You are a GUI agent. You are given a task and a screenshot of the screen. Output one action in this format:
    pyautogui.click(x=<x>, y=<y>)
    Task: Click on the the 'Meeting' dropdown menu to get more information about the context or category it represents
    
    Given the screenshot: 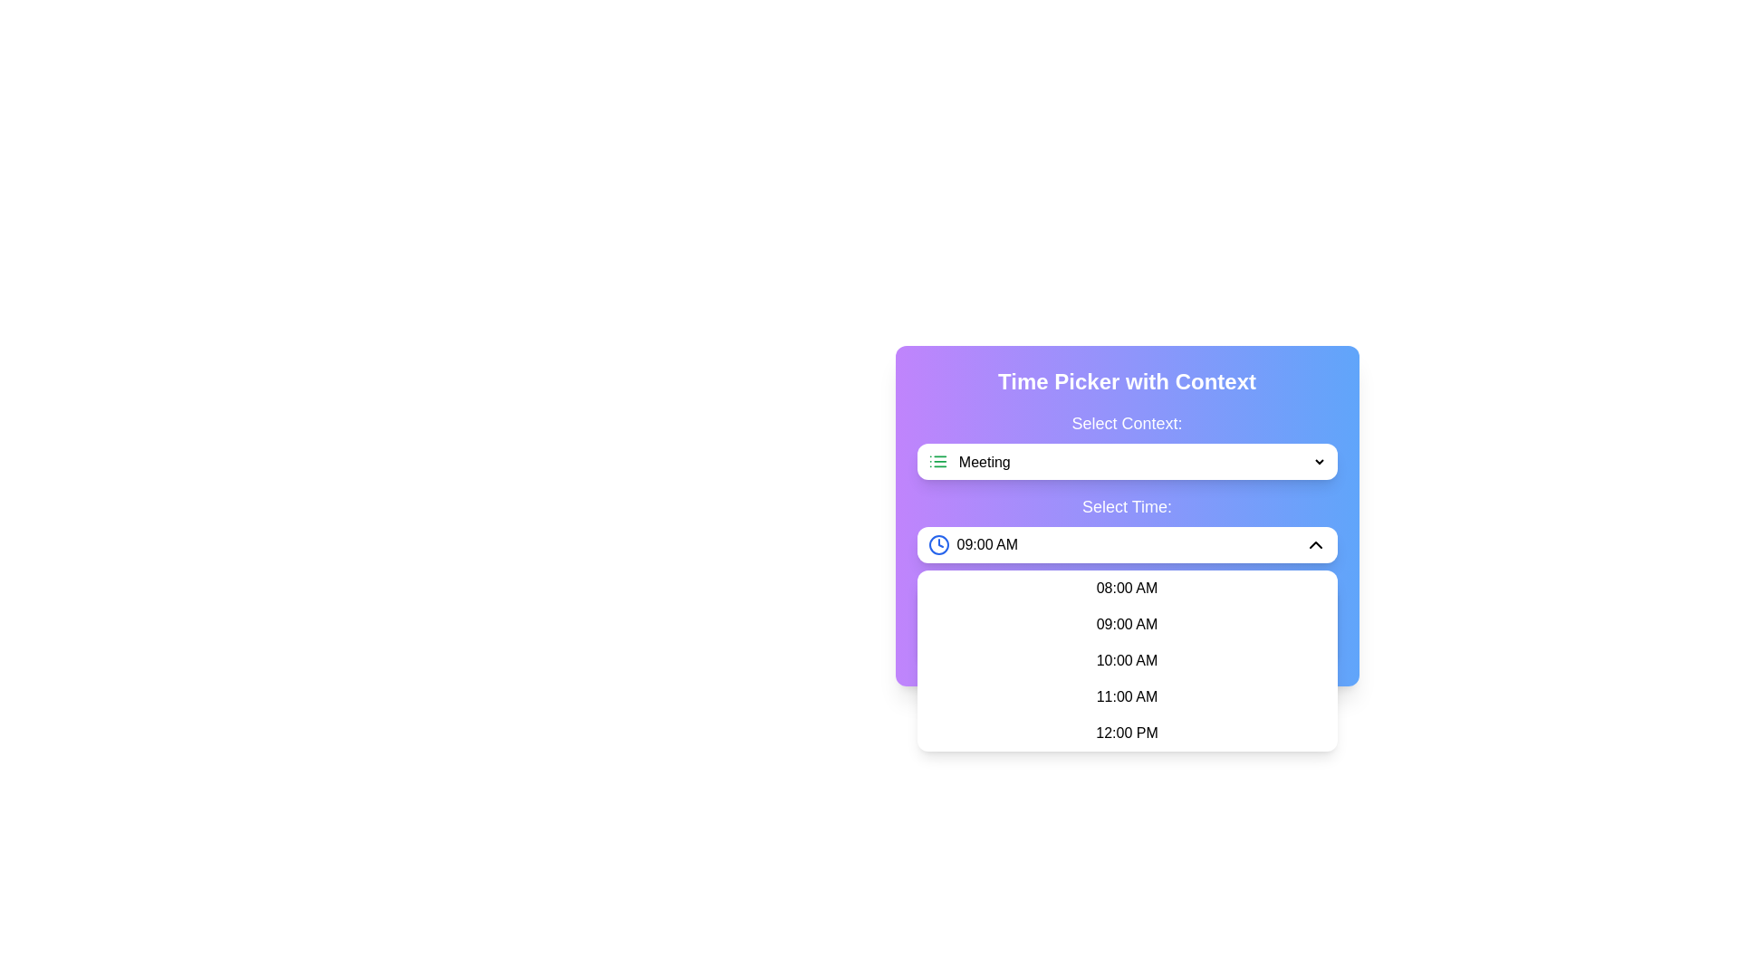 What is the action you would take?
    pyautogui.click(x=1126, y=446)
    